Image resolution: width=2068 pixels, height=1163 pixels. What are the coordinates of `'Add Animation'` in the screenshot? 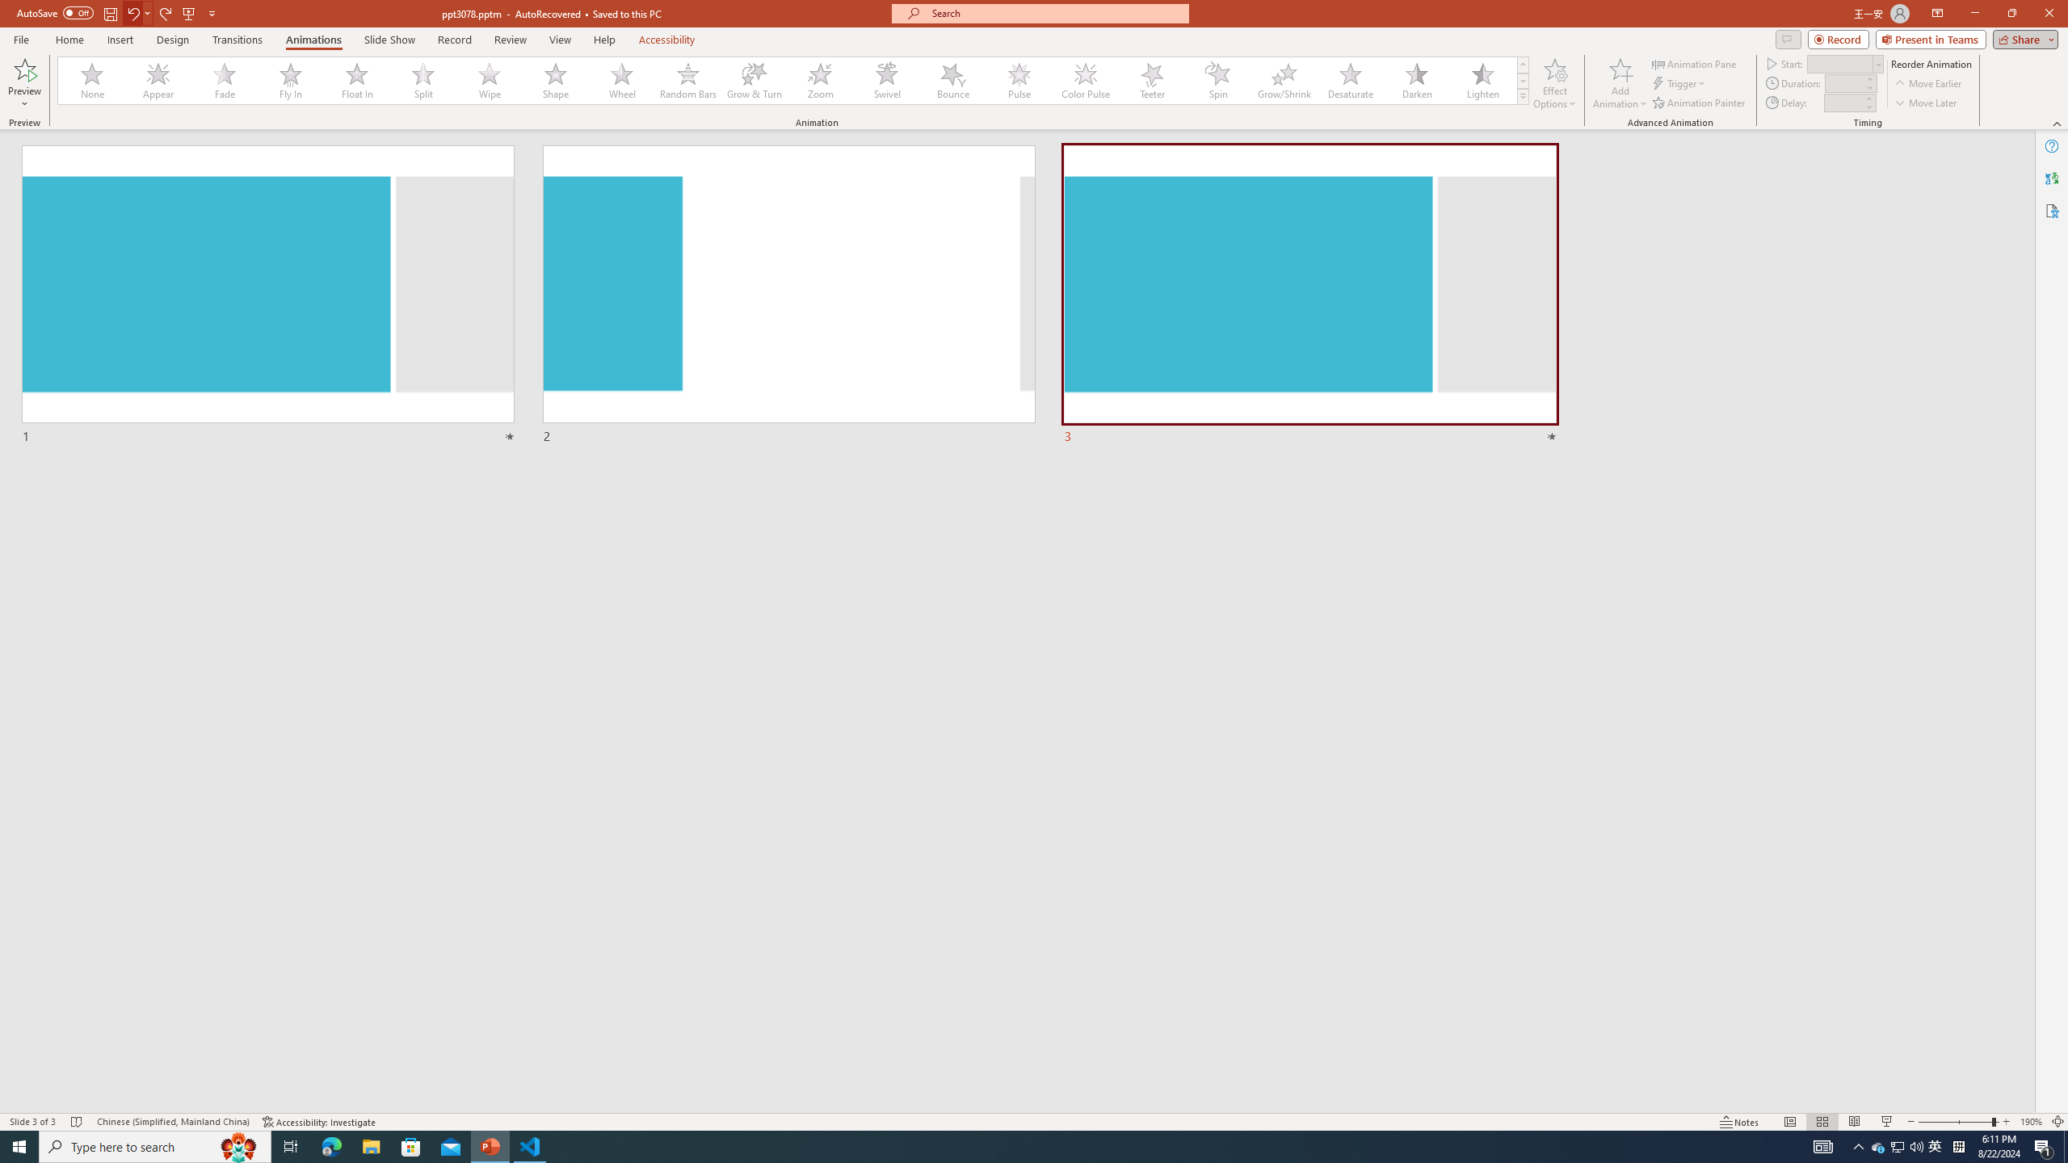 It's located at (1620, 83).